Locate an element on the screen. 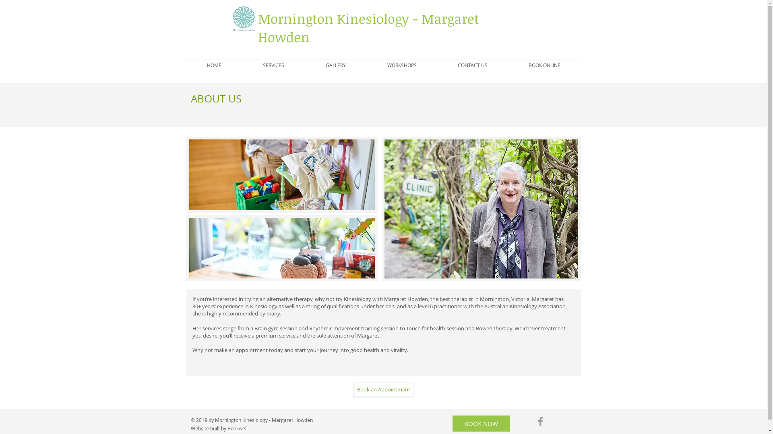 The width and height of the screenshot is (773, 434). 'BOOK ONLINE' is located at coordinates (544, 65).